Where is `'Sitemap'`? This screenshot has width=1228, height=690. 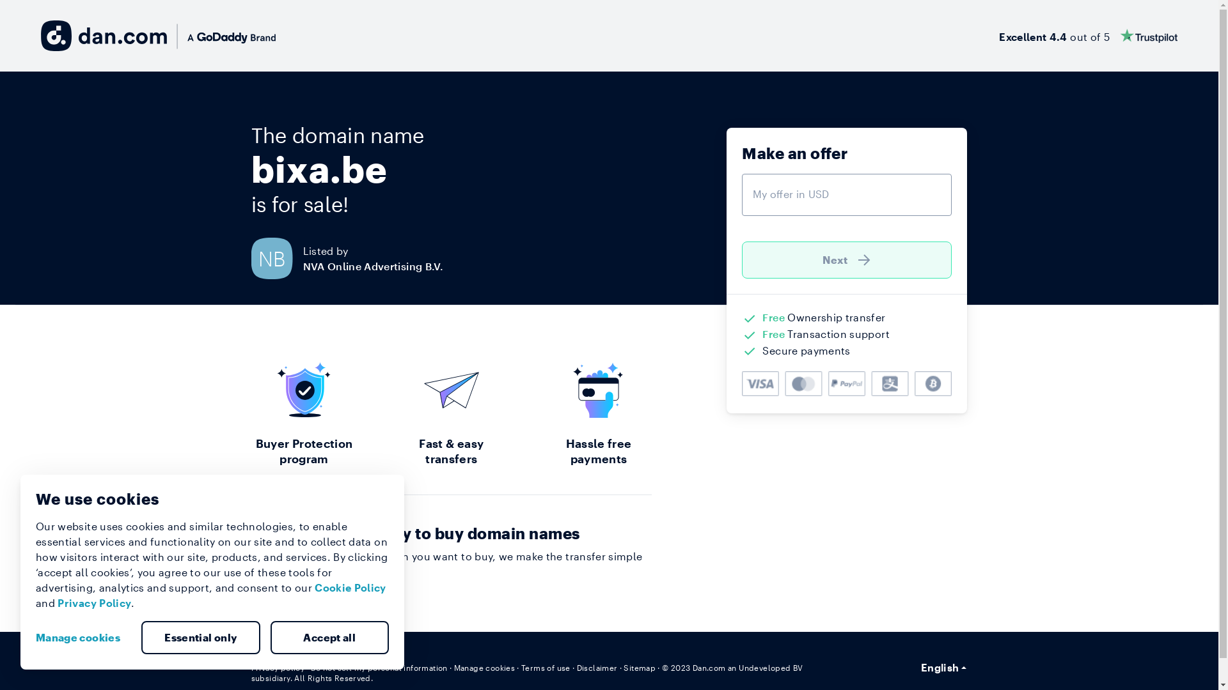
'Sitemap' is located at coordinates (623, 667).